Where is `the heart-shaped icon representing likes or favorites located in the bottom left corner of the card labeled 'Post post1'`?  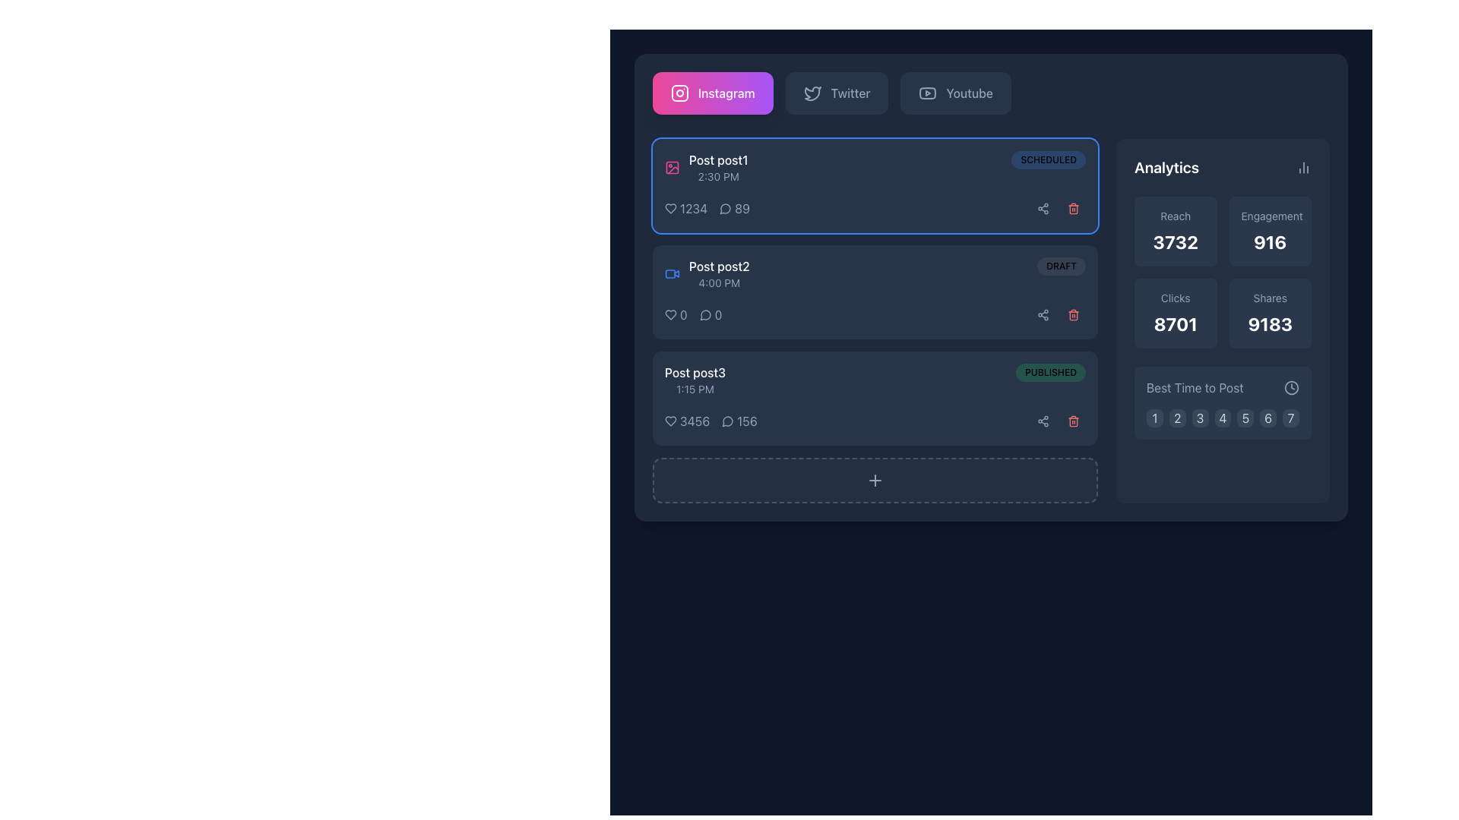
the heart-shaped icon representing likes or favorites located in the bottom left corner of the card labeled 'Post post1' is located at coordinates (670, 208).